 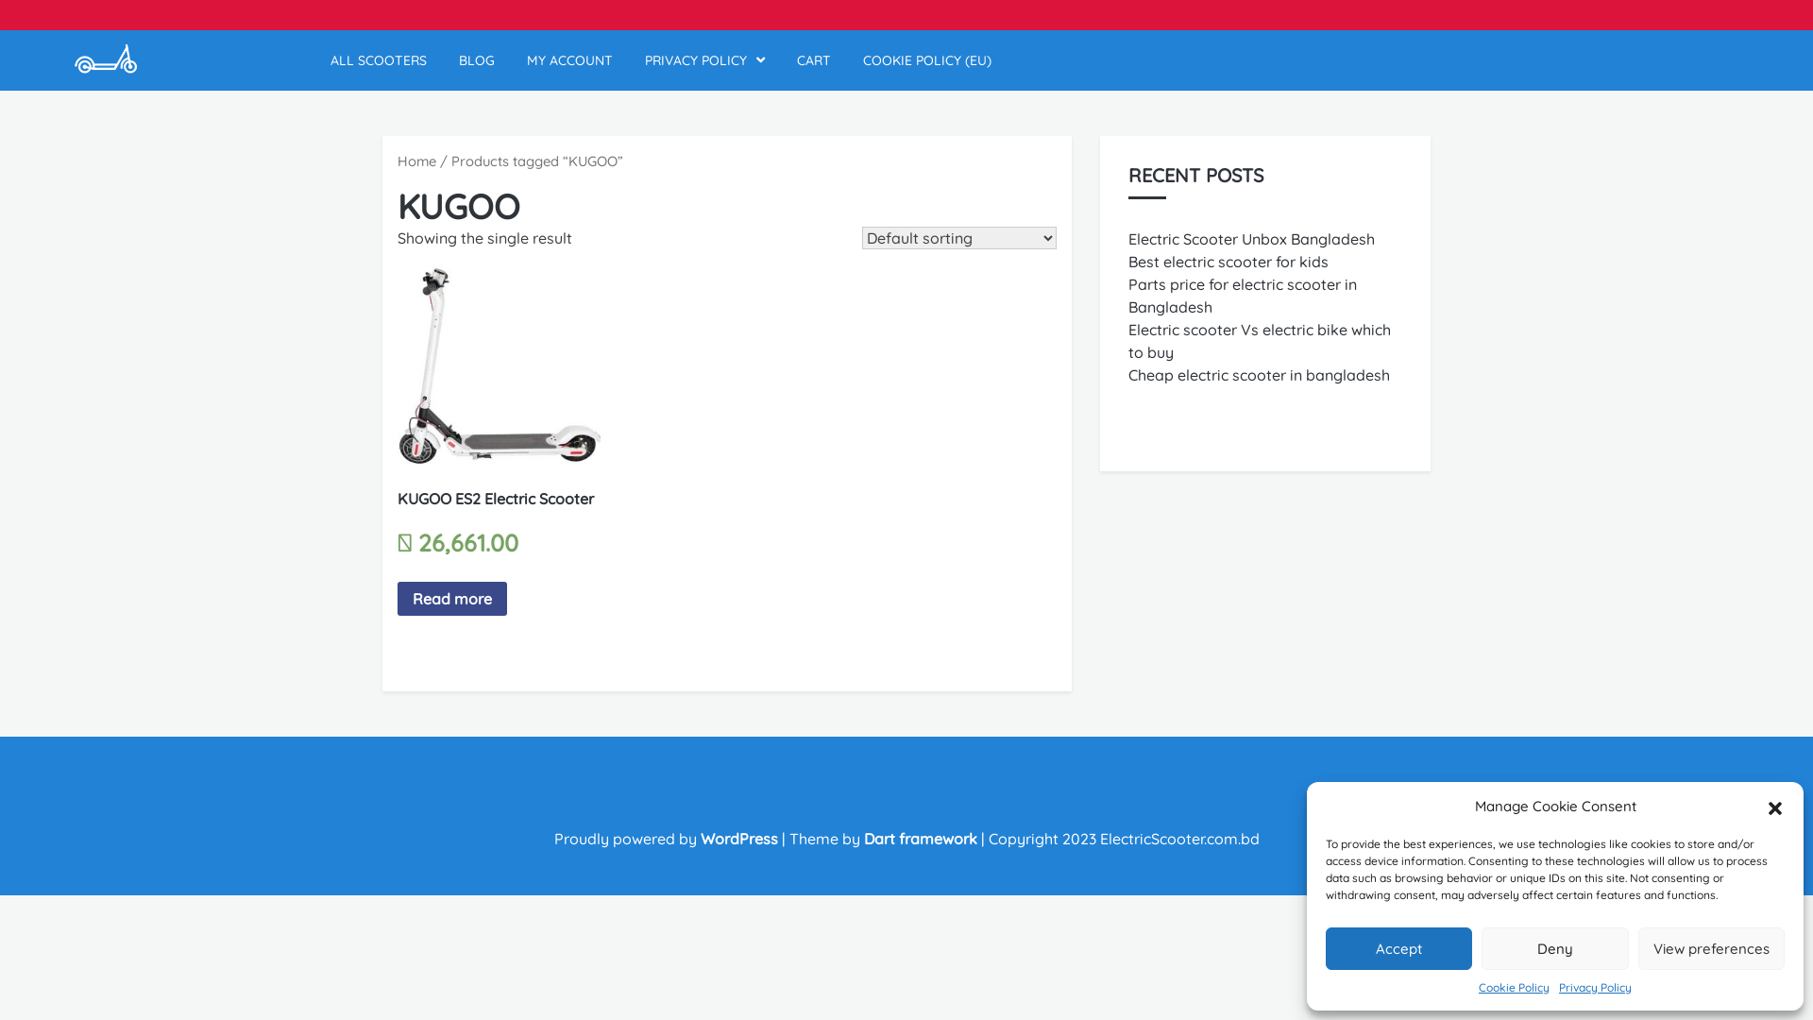 What do you see at coordinates (703, 59) in the screenshot?
I see `'PRIVACY POLICY'` at bounding box center [703, 59].